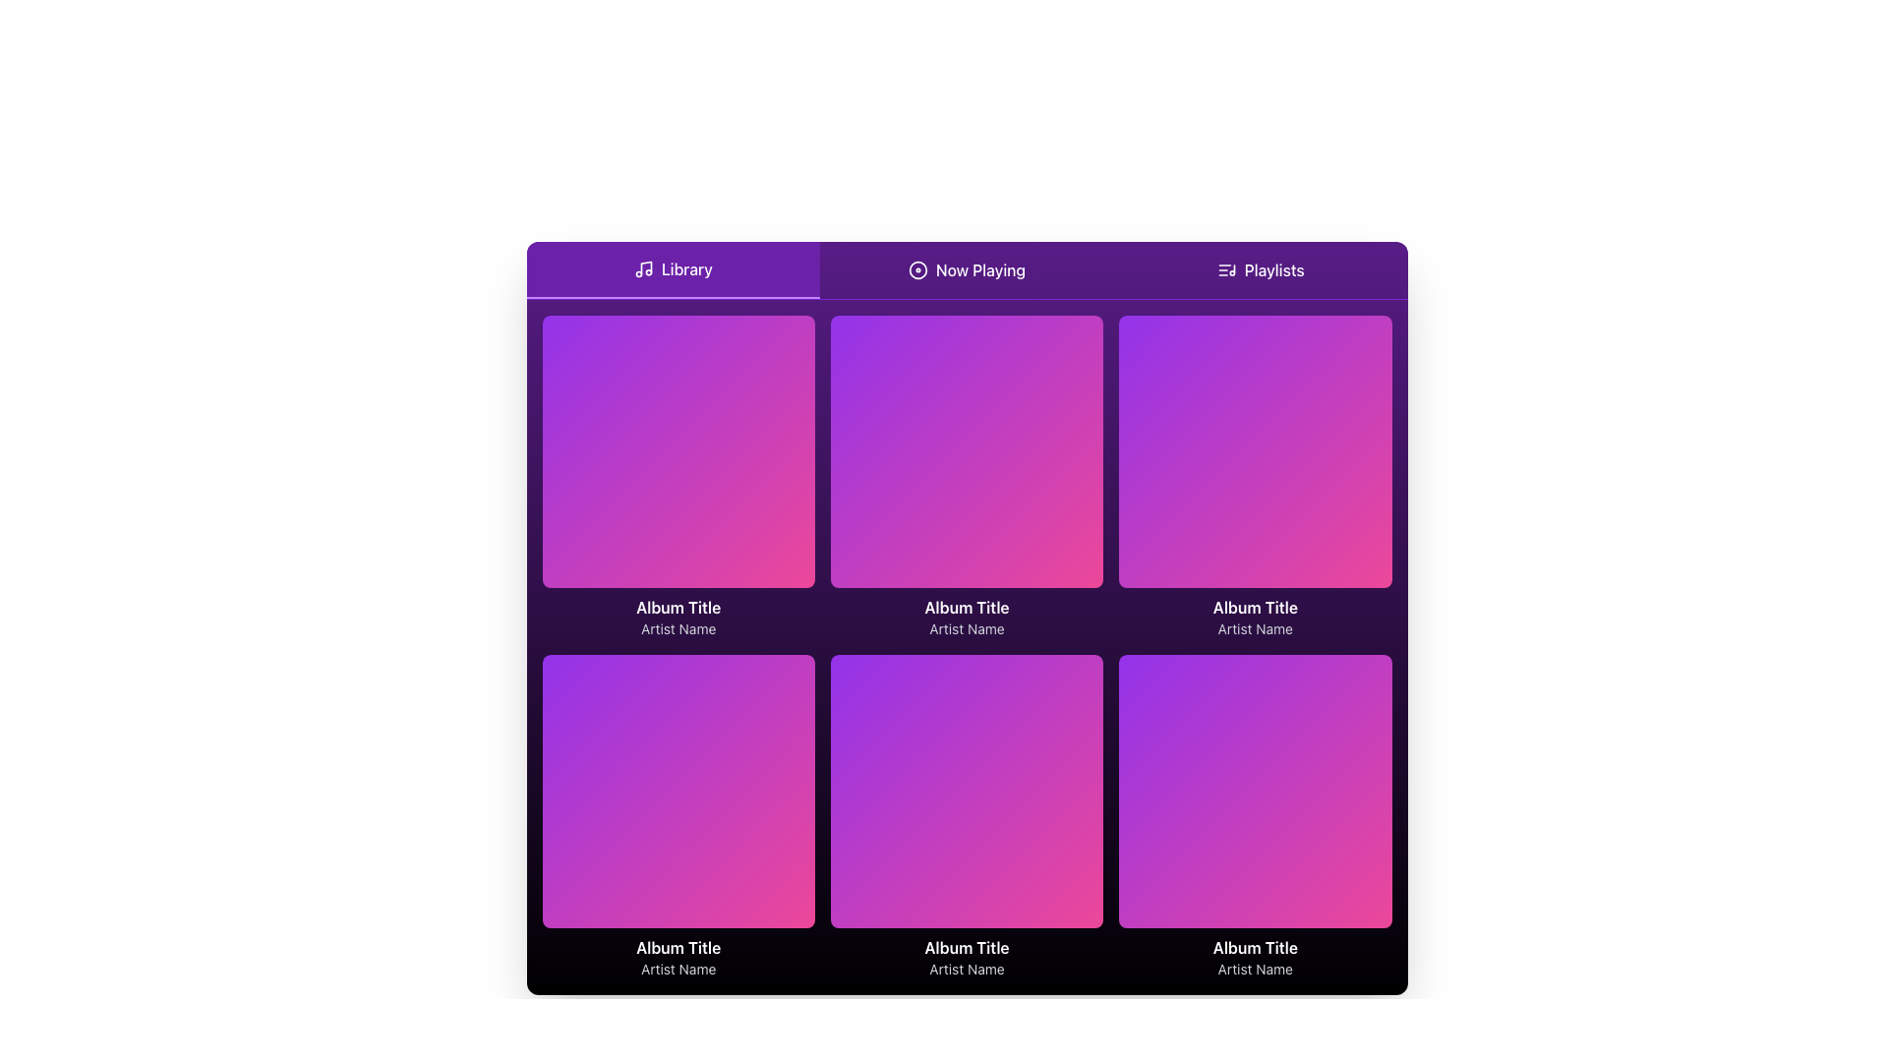  What do you see at coordinates (967, 270) in the screenshot?
I see `the 'Now Playing' tab in the tab navigation bar` at bounding box center [967, 270].